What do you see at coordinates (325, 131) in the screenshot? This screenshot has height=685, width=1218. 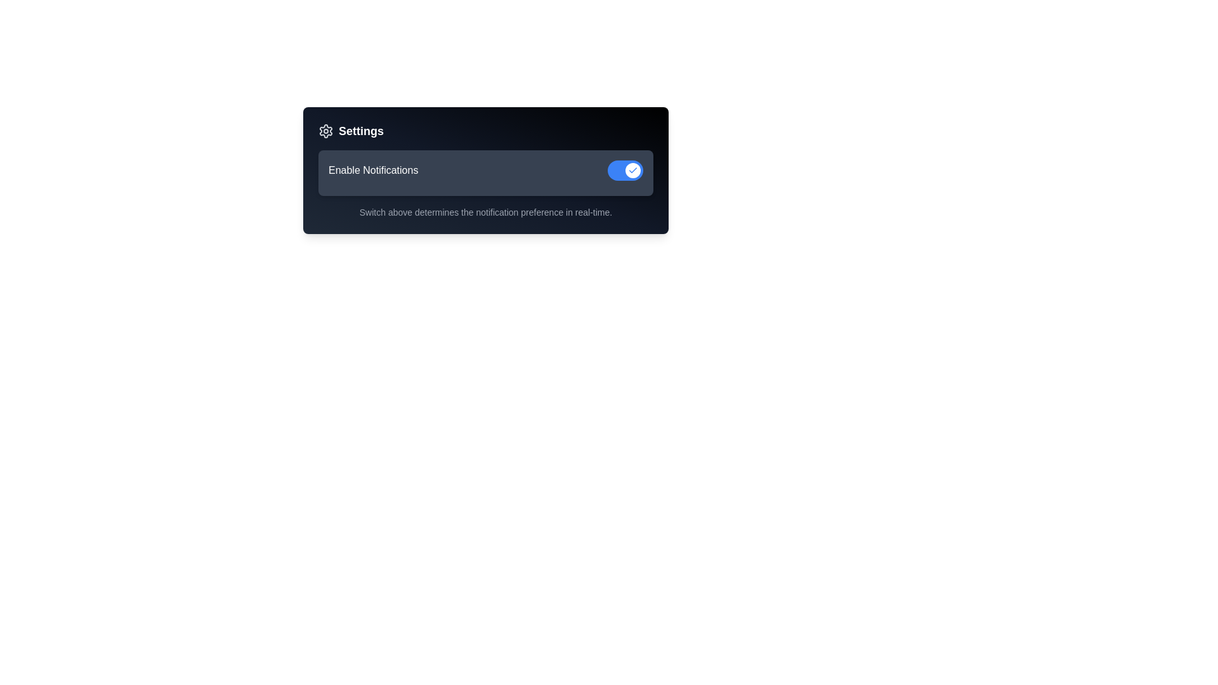 I see `the gear-like settings icon with a gray outline and light gray interior, located at the top-left corner of the black card, adjacent to the 'Settings' text` at bounding box center [325, 131].